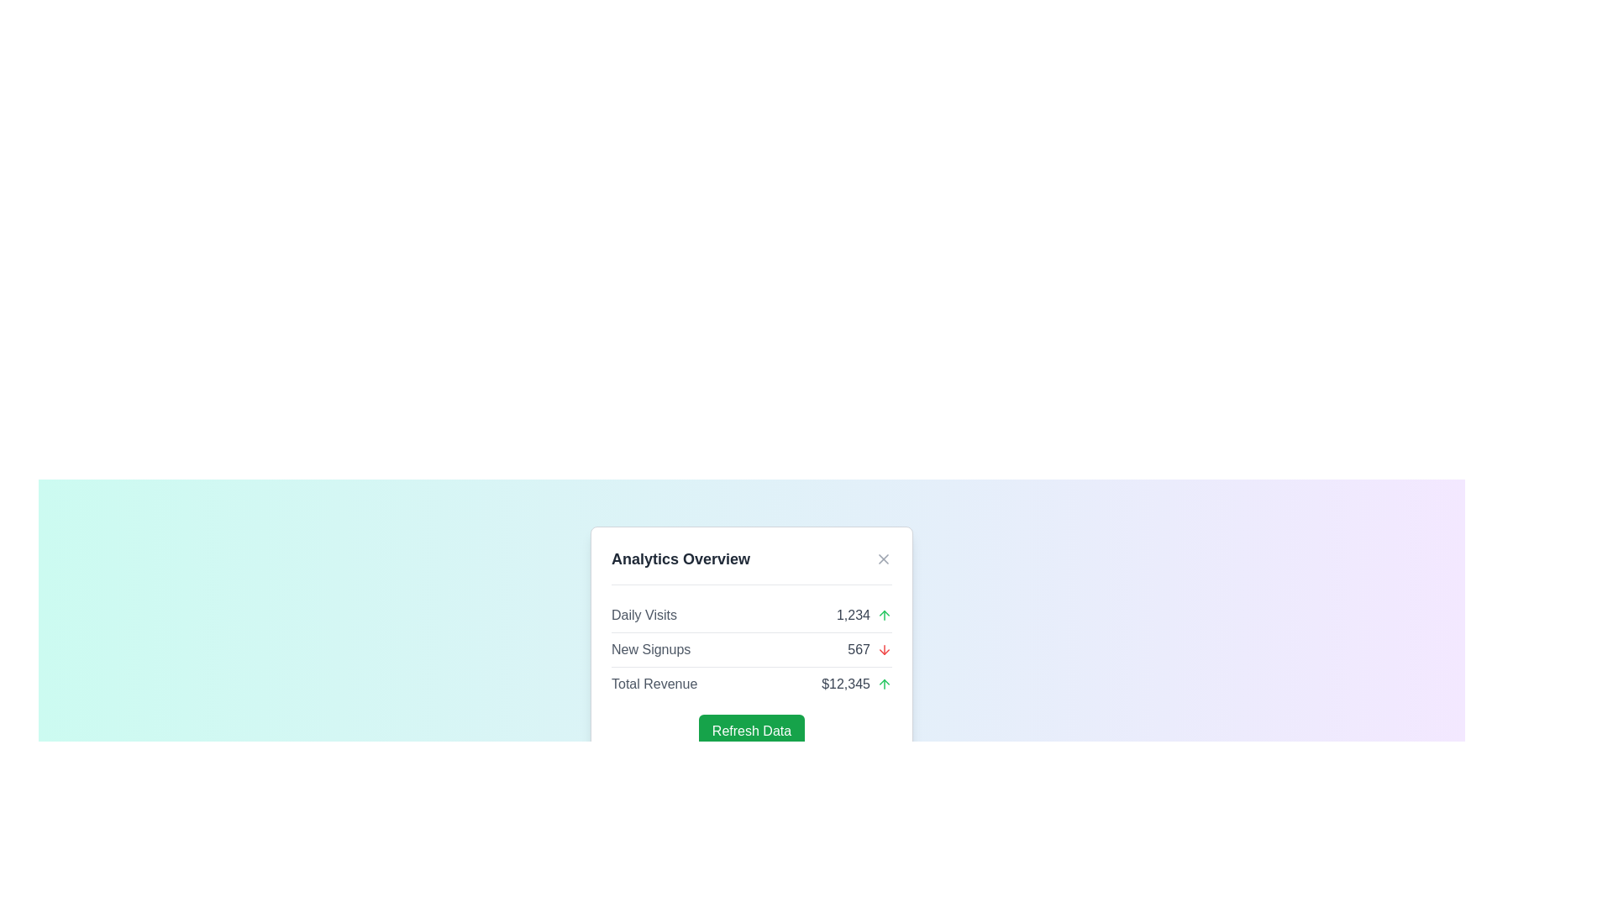 The image size is (1613, 907). Describe the element at coordinates (680, 559) in the screenshot. I see `the 'Analytics Overview' text label located at the top-left of the popup modal` at that location.